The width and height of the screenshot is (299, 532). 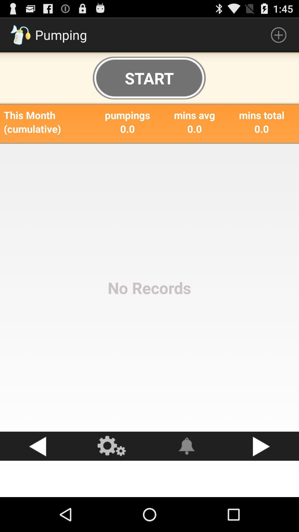 I want to click on app below no records icon, so click(x=187, y=446).